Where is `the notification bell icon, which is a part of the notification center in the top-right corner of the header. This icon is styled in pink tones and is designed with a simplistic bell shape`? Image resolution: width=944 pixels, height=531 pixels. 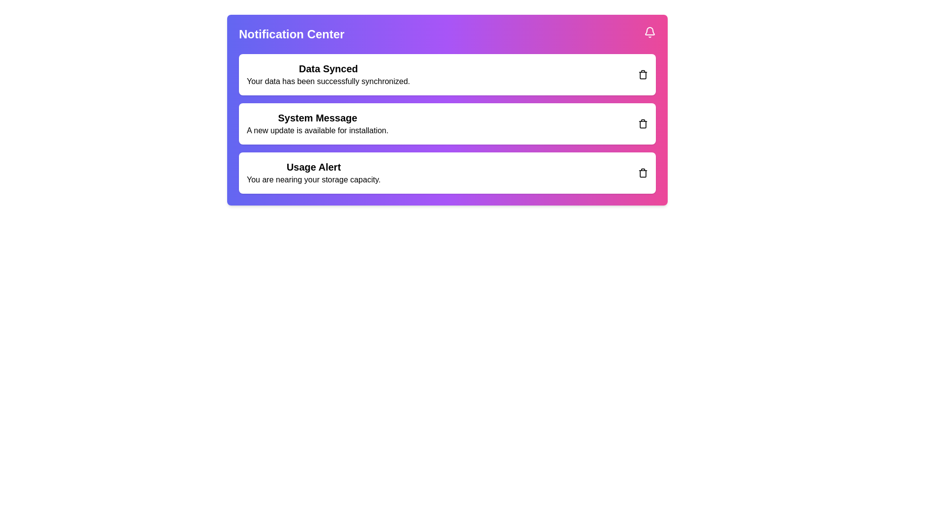 the notification bell icon, which is a part of the notification center in the top-right corner of the header. This icon is styled in pink tones and is designed with a simplistic bell shape is located at coordinates (649, 30).